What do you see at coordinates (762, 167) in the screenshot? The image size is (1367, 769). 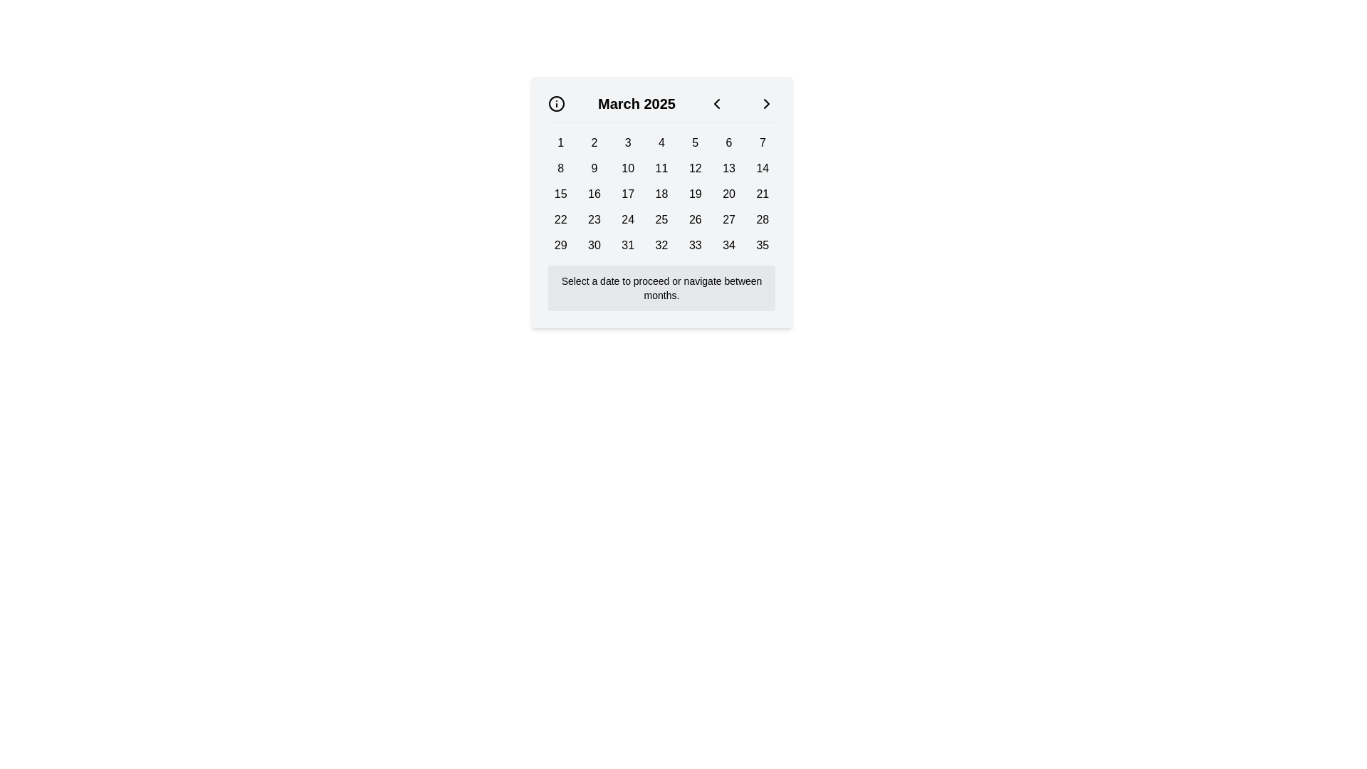 I see `the rectangular button labeled '14' in bold black font, which is positioned in the second row and seventh column of the calendar grid` at bounding box center [762, 167].